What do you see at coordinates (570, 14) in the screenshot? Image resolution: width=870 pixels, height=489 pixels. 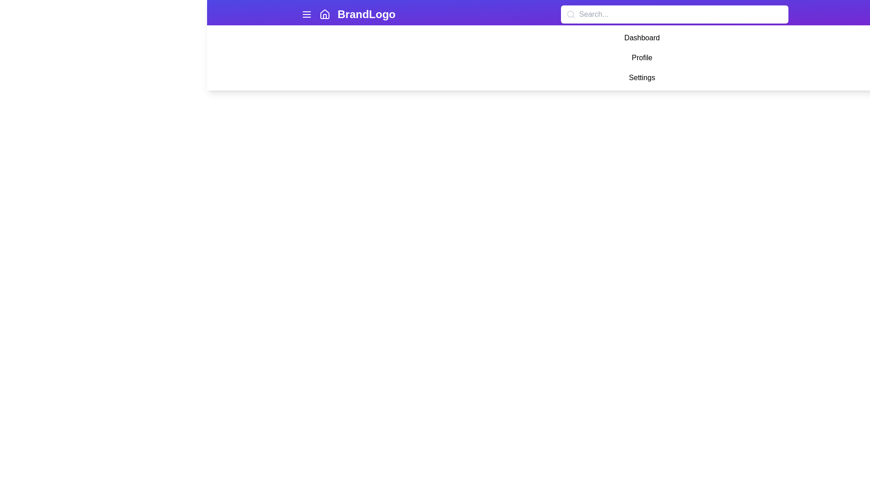 I see `the search icon located on the left side of the search bar, which assists users in identifying the input field for search queries` at bounding box center [570, 14].